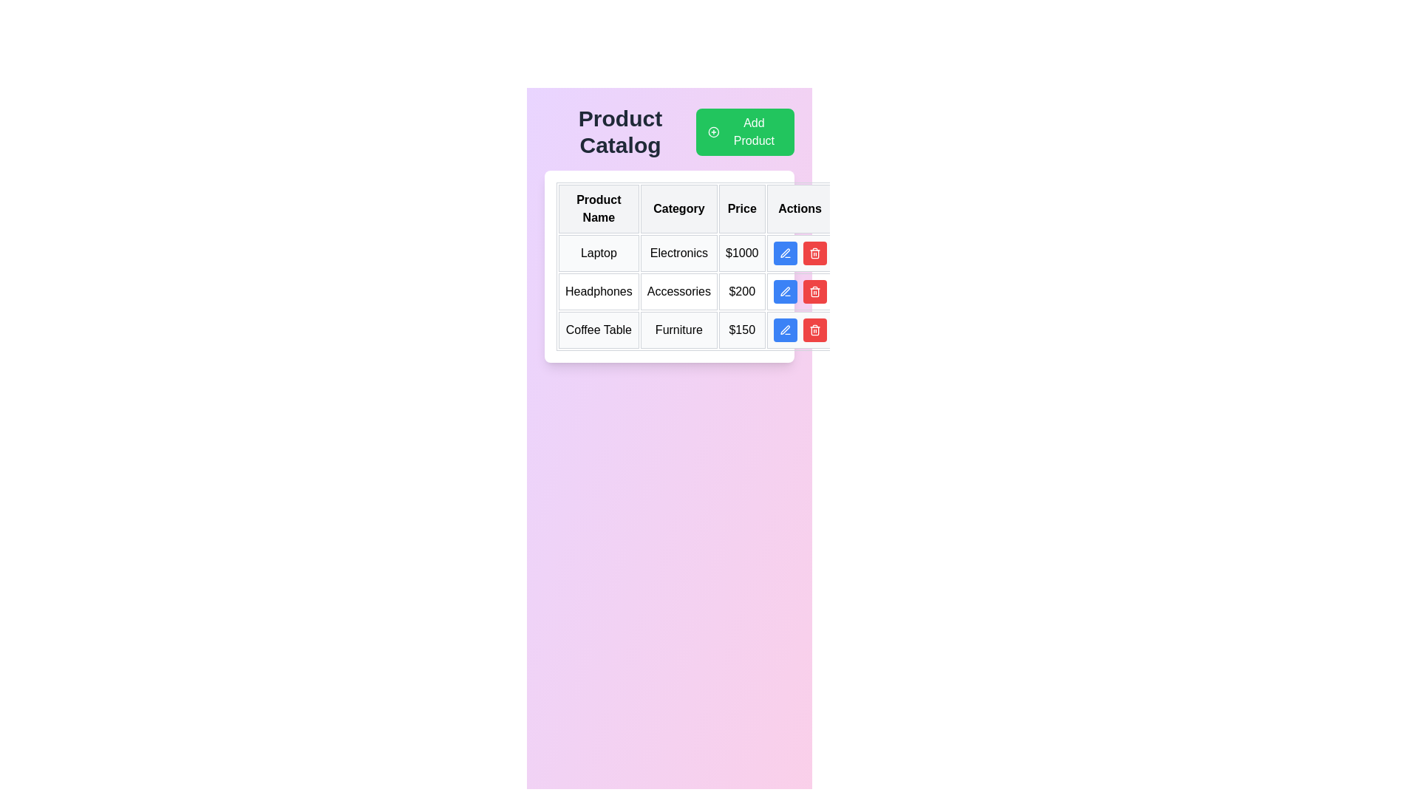 Image resolution: width=1419 pixels, height=798 pixels. What do you see at coordinates (713, 131) in the screenshot?
I see `the icon embedded within the green 'Add Product' button located in the top-right section of the interface` at bounding box center [713, 131].